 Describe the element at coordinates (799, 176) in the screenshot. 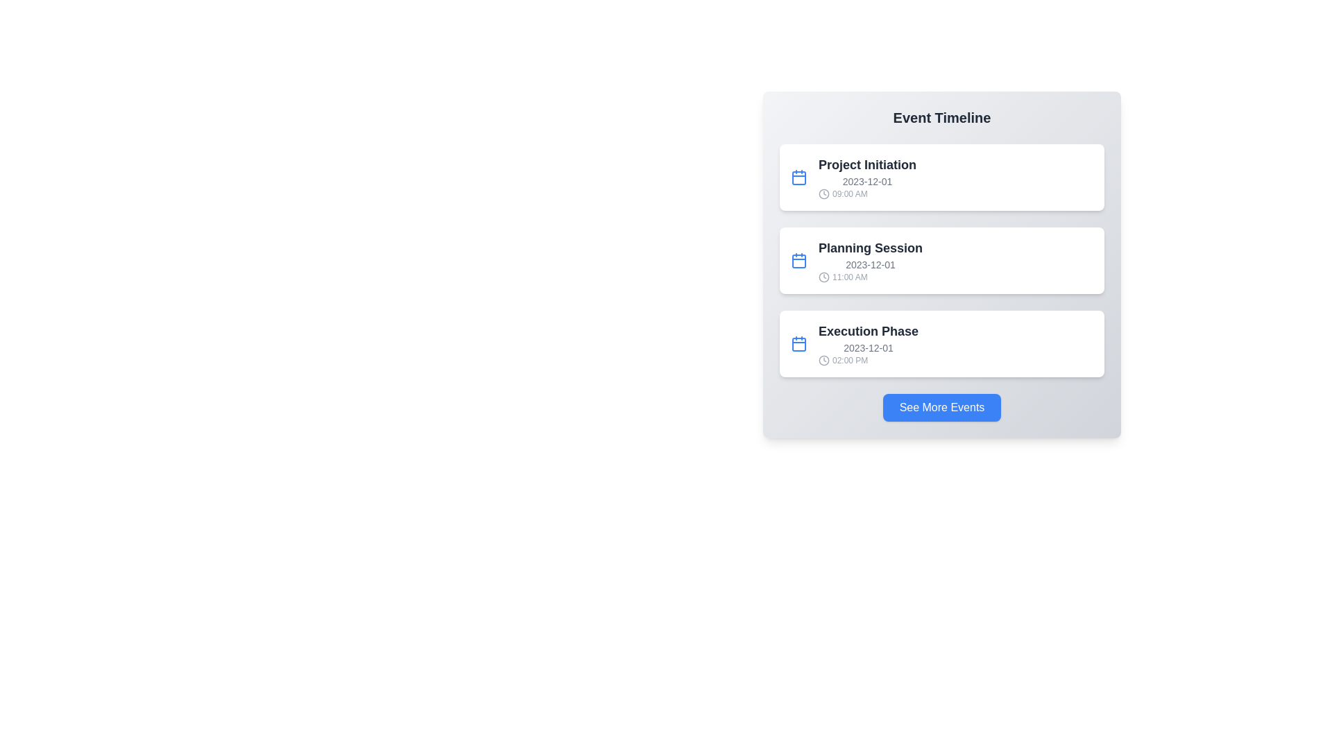

I see `the calendar icon associated with the Project Initiation event` at that location.